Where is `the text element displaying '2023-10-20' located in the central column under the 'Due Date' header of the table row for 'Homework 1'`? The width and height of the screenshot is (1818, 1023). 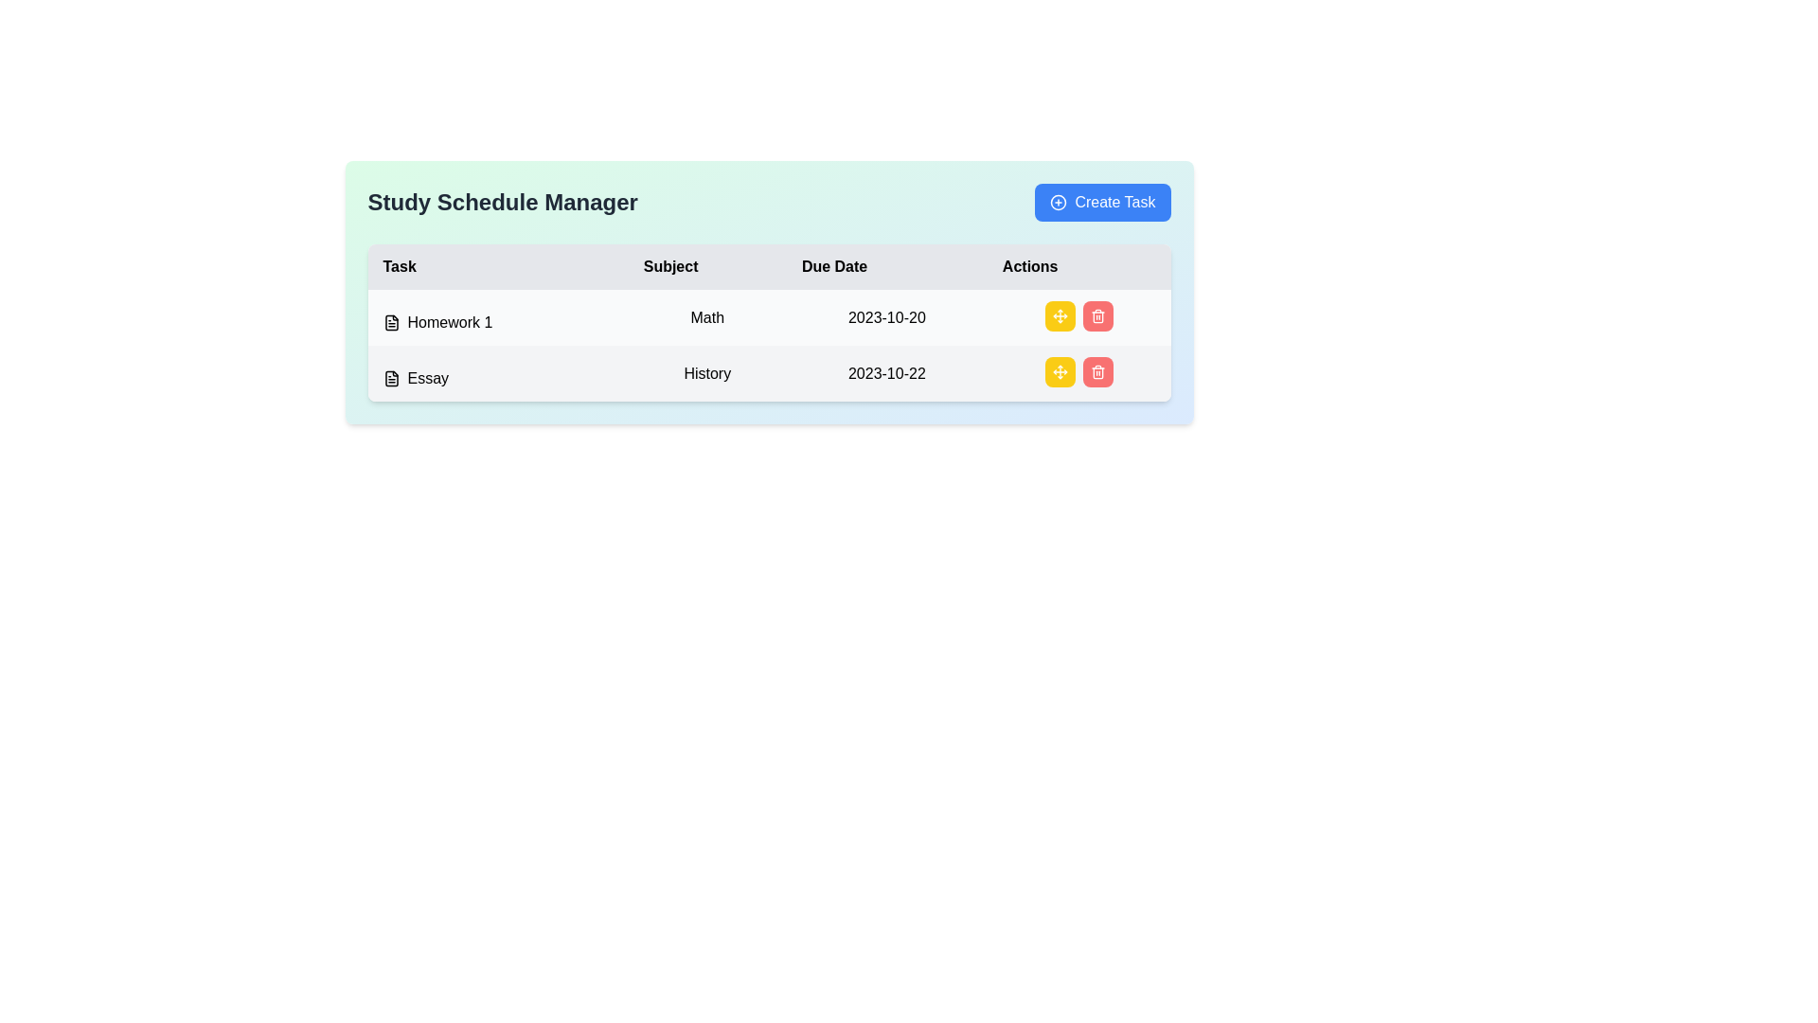
the text element displaying '2023-10-20' located in the central column under the 'Due Date' header of the table row for 'Homework 1' is located at coordinates (885, 316).